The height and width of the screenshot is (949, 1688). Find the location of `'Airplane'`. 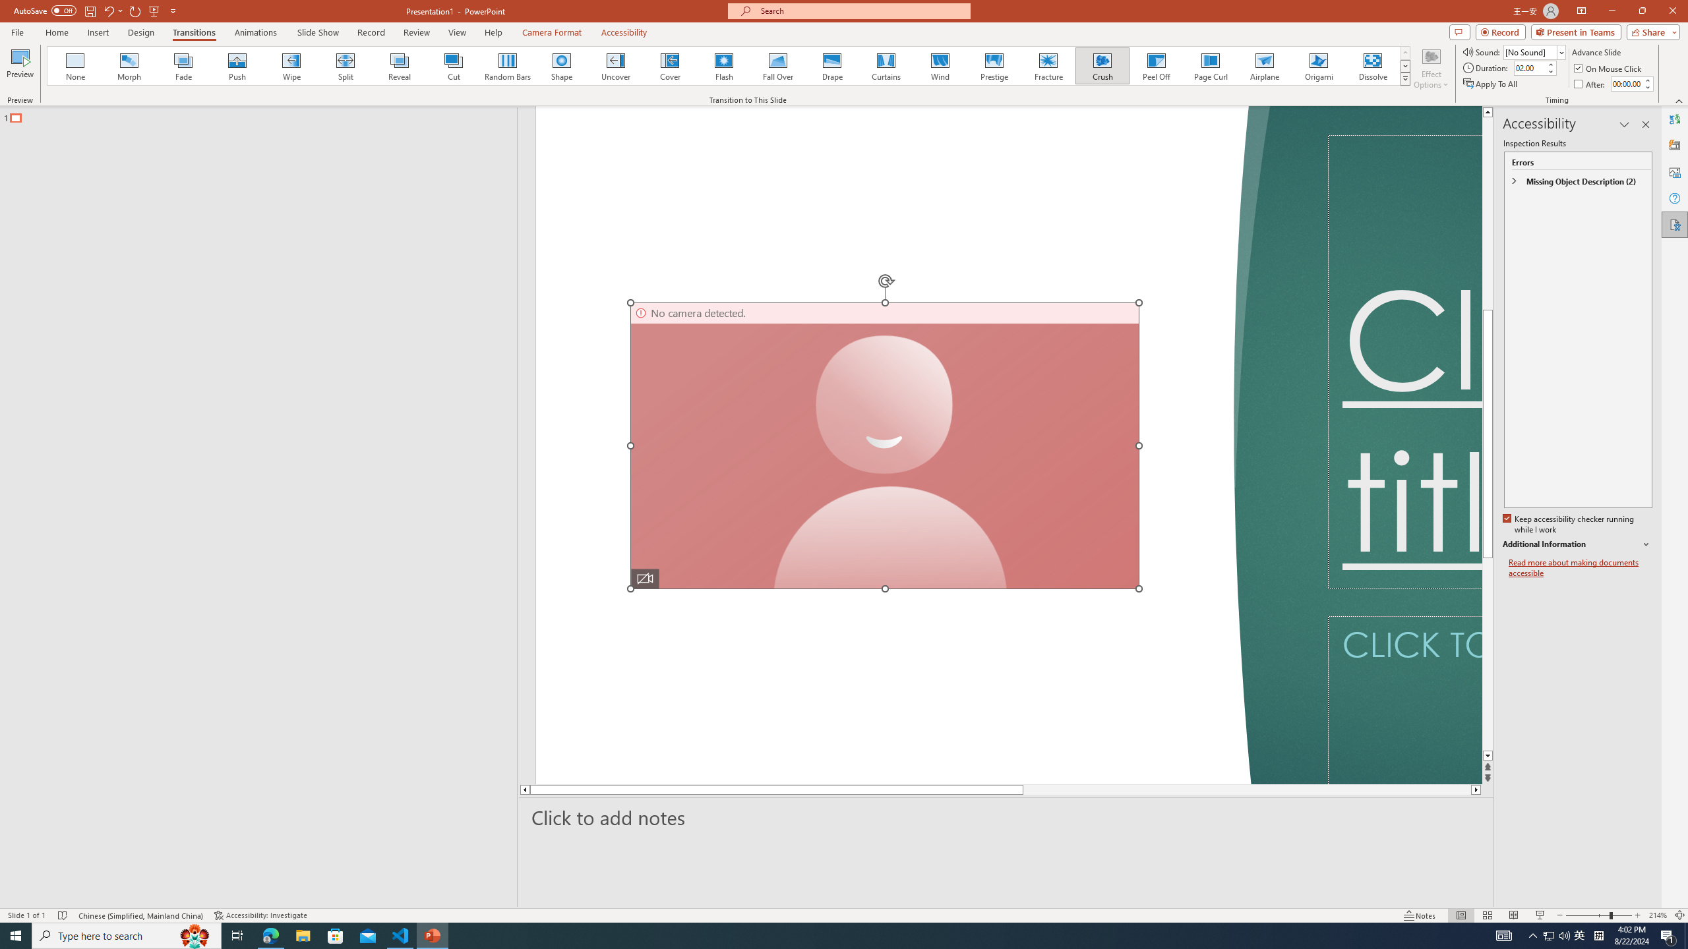

'Airplane' is located at coordinates (1263, 65).